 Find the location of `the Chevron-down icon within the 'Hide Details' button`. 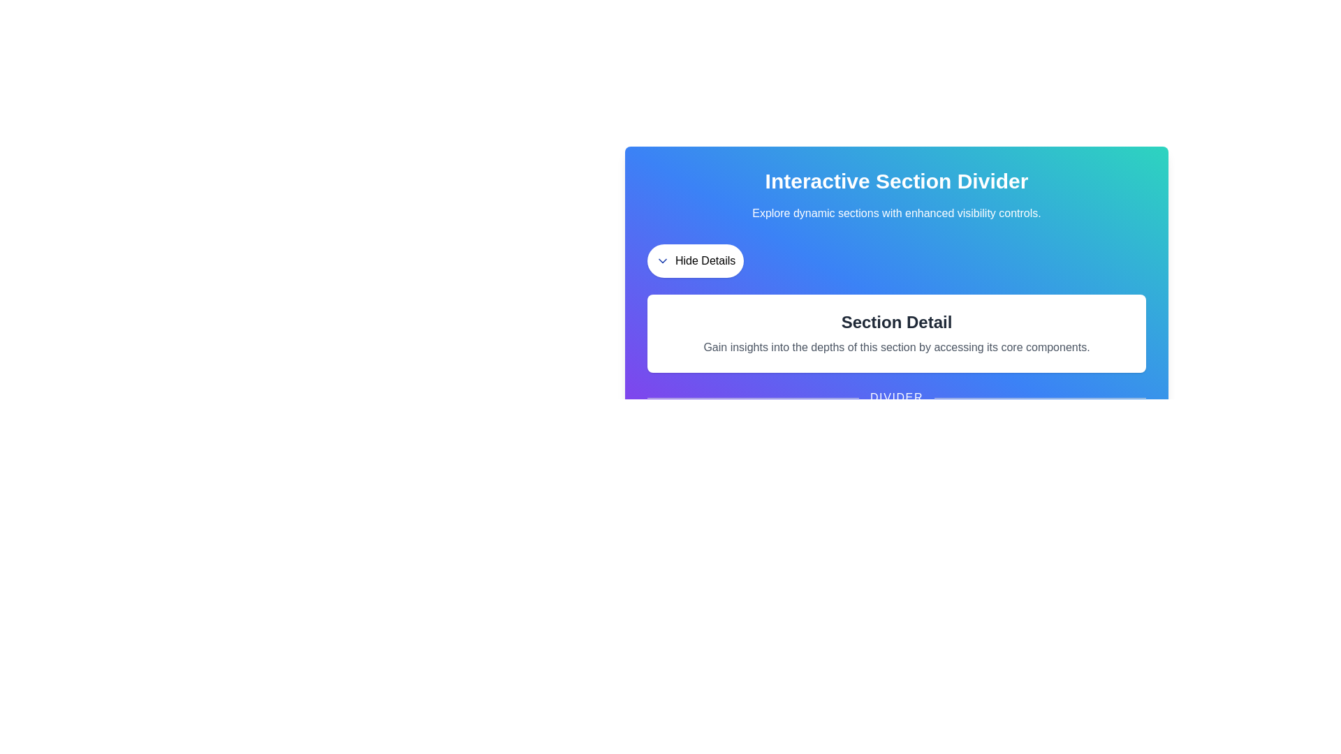

the Chevron-down icon within the 'Hide Details' button is located at coordinates (662, 261).